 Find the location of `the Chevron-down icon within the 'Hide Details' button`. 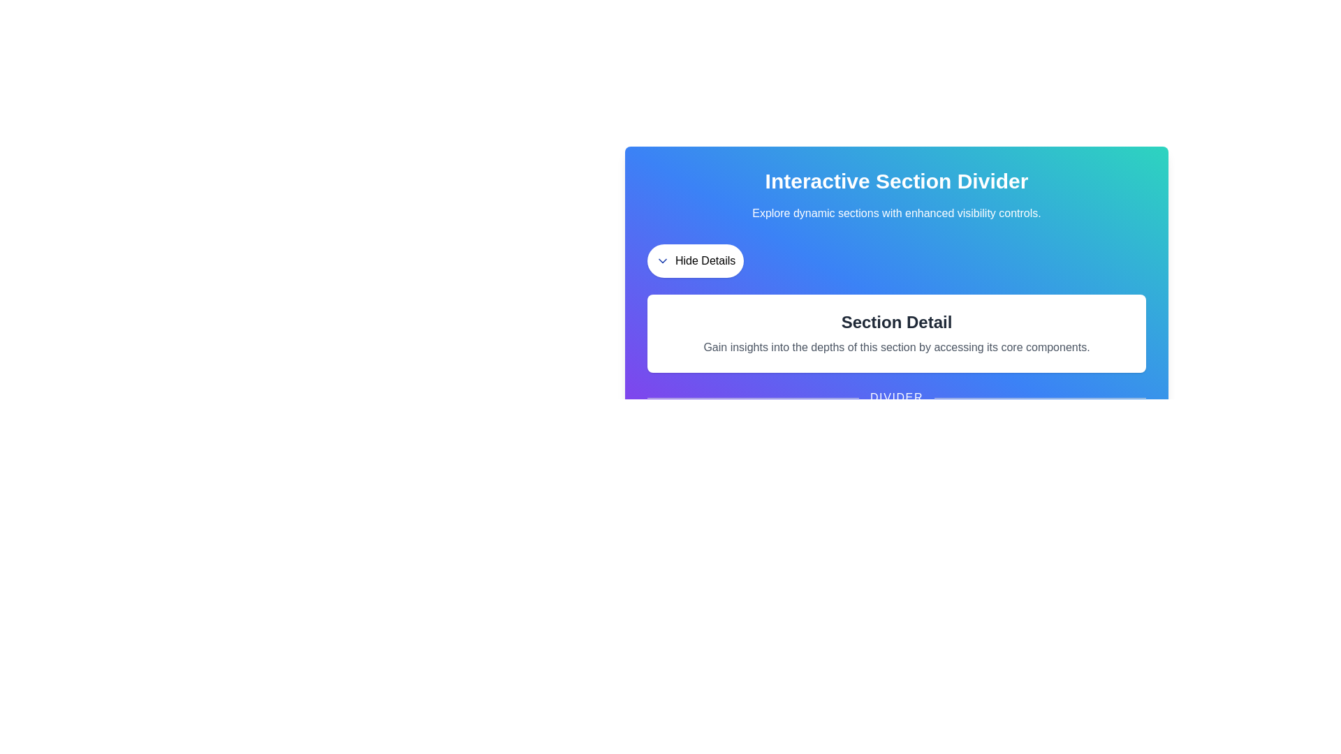

the Chevron-down icon within the 'Hide Details' button is located at coordinates (662, 261).